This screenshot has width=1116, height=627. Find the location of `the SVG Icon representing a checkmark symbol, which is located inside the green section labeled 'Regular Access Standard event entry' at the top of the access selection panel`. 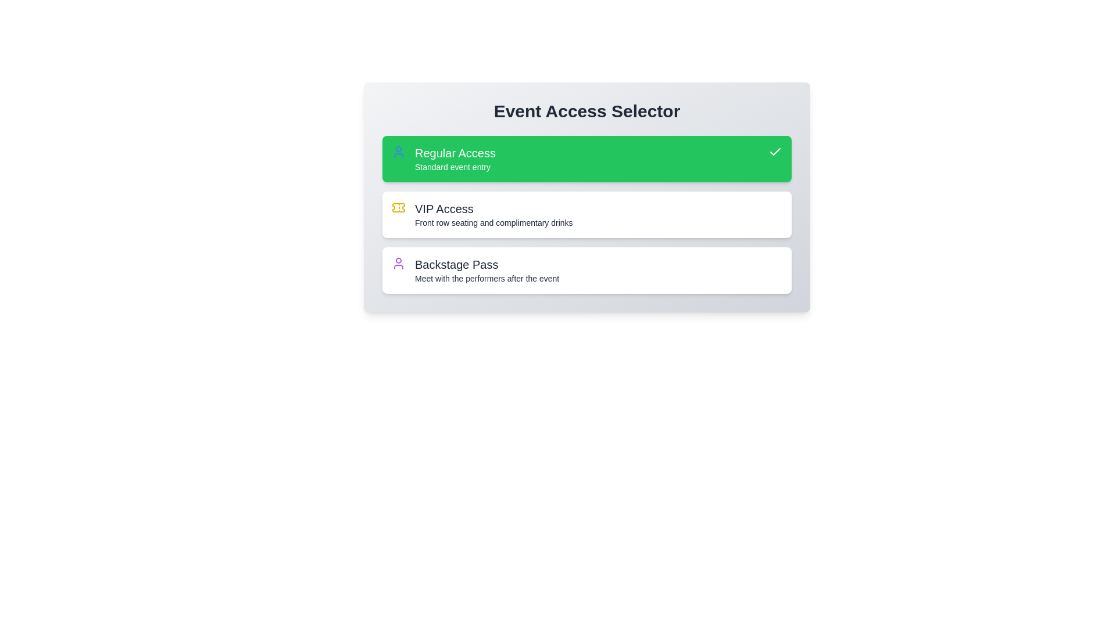

the SVG Icon representing a checkmark symbol, which is located inside the green section labeled 'Regular Access Standard event entry' at the top of the access selection panel is located at coordinates (775, 152).